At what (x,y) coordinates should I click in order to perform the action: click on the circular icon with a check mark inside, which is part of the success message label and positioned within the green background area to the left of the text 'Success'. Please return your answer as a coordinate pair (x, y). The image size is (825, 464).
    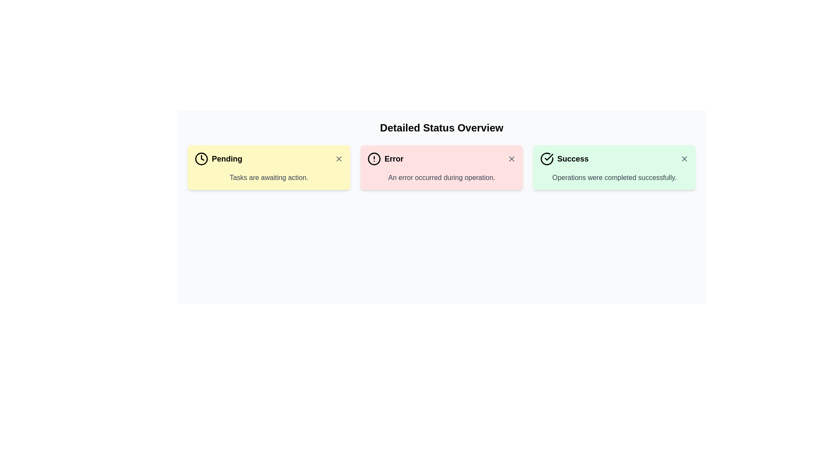
    Looking at the image, I should click on (546, 159).